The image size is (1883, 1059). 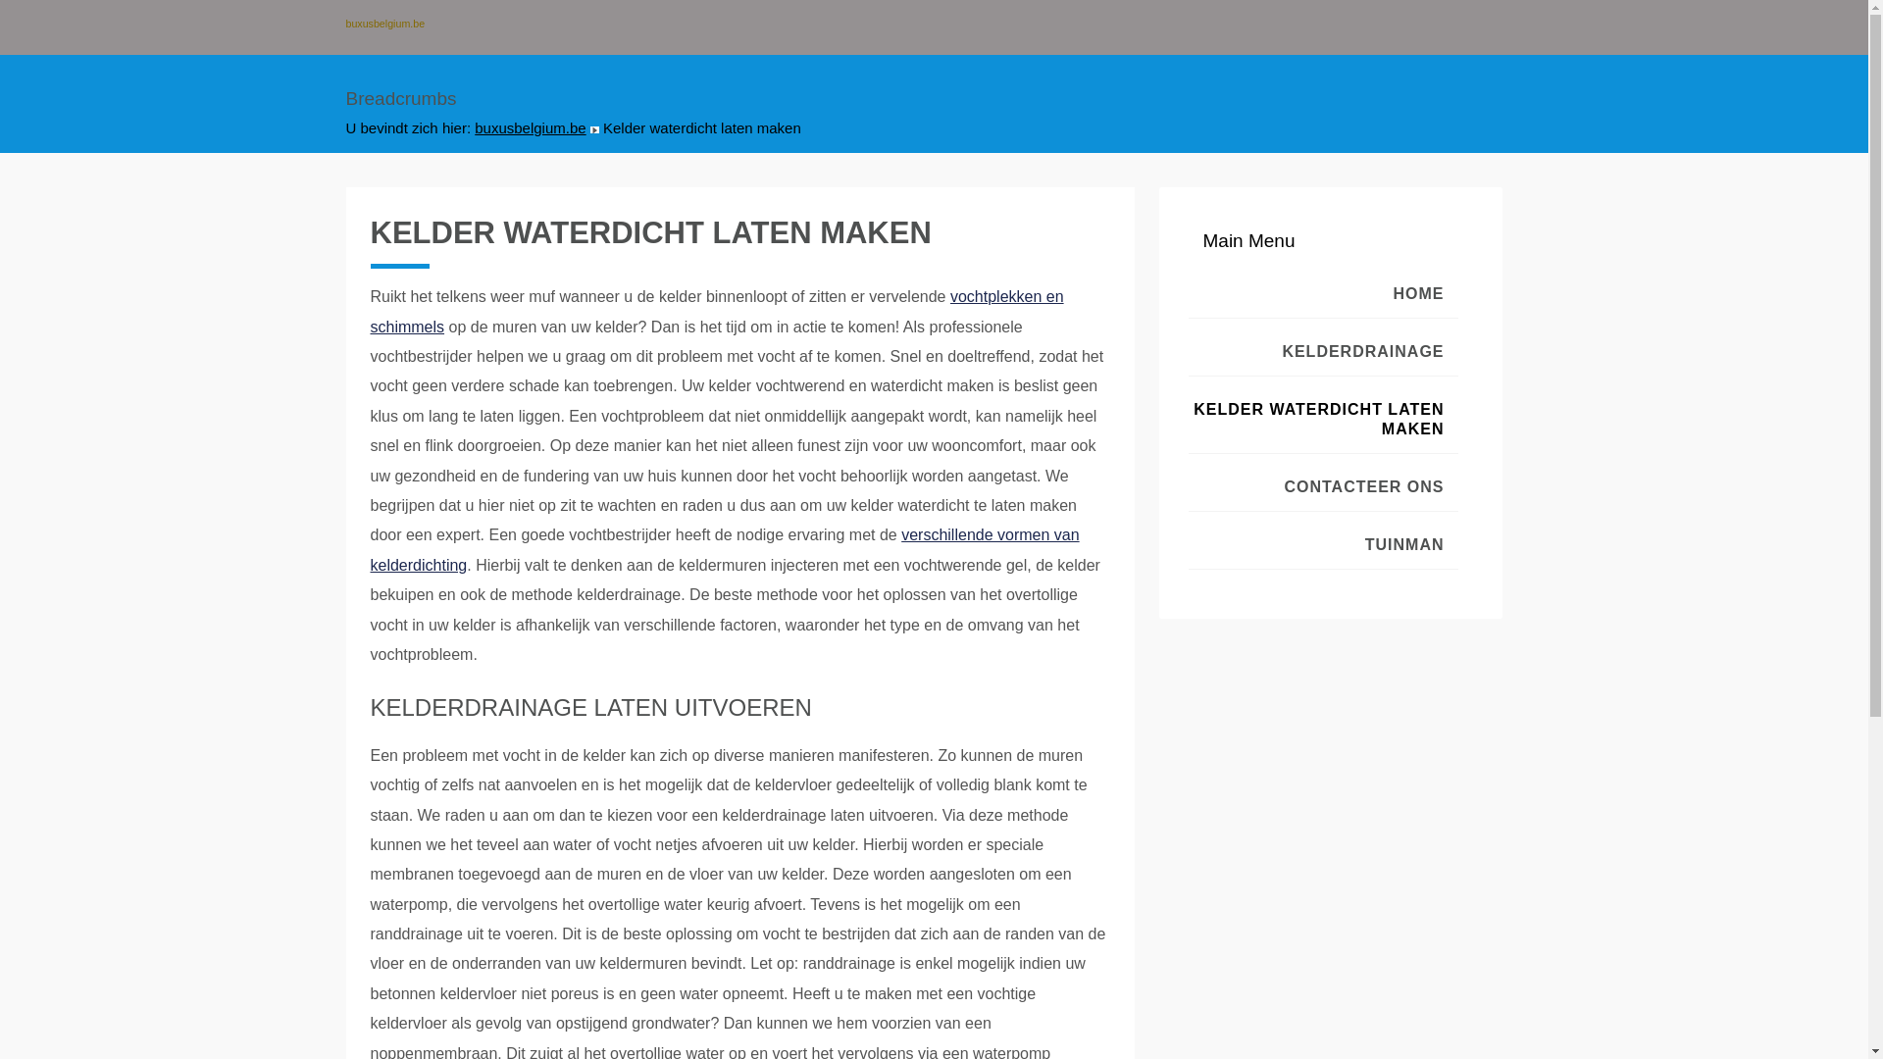 I want to click on 'vochtplekken en schimmels', so click(x=716, y=310).